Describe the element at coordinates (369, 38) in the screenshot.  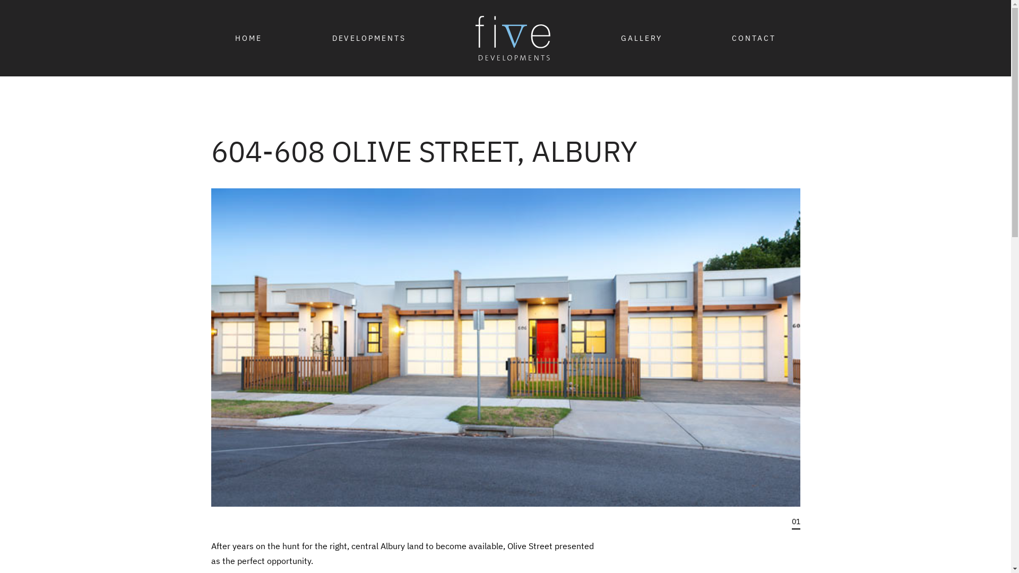
I see `'DEVELOPMENTS'` at that location.